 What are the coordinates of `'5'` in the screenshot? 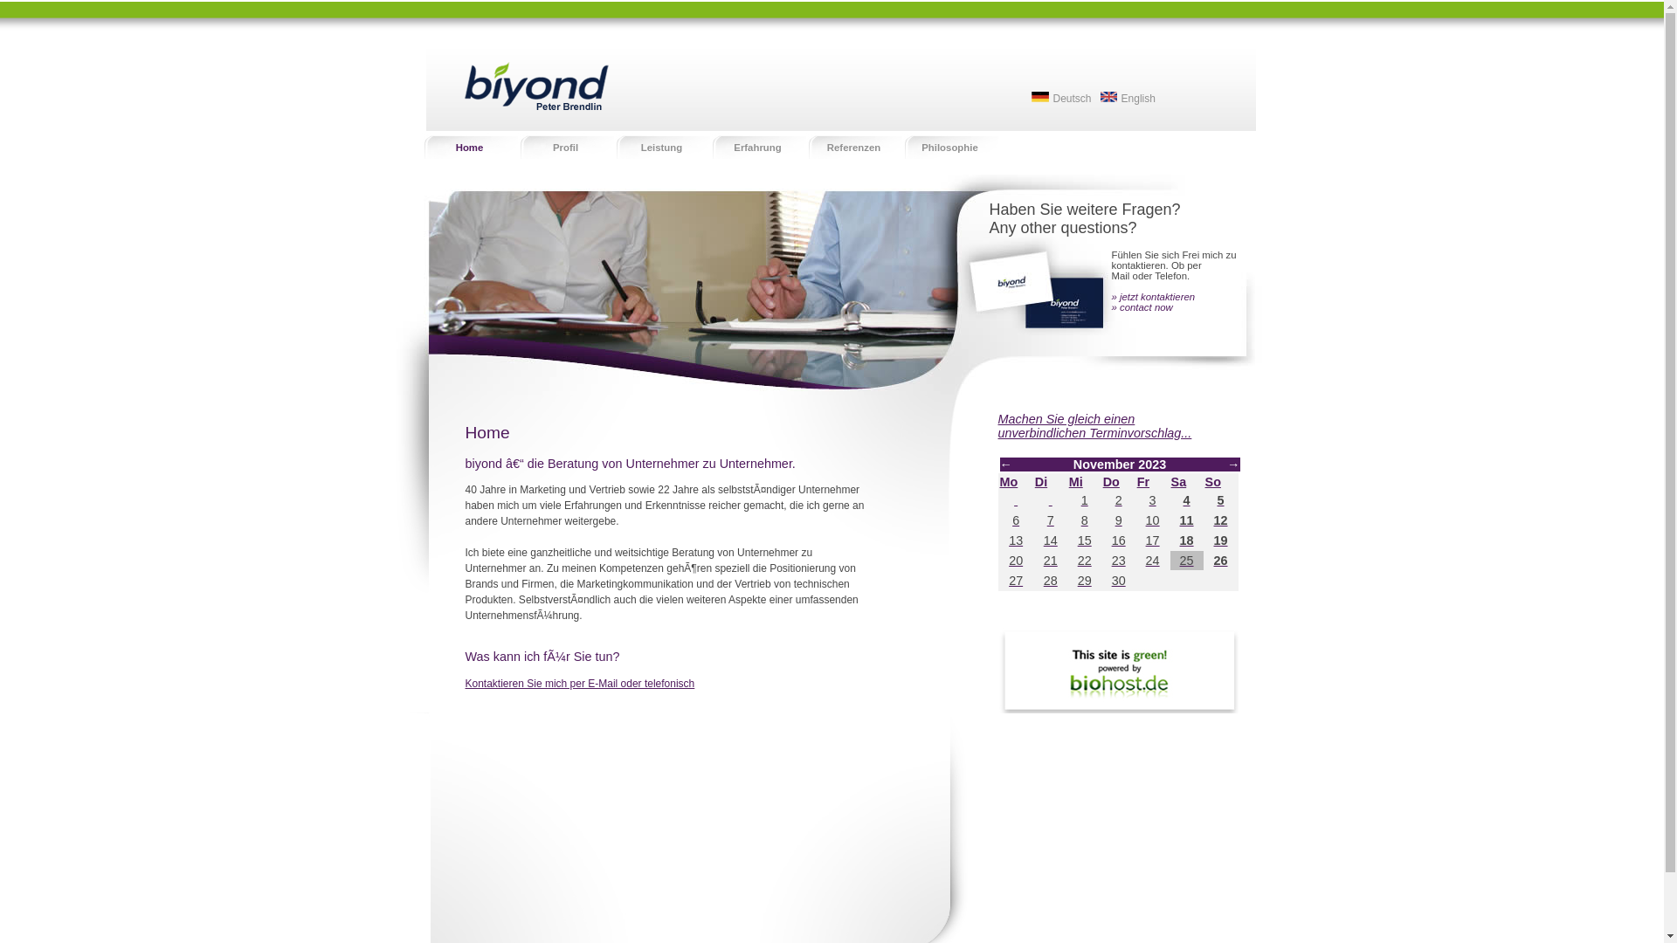 It's located at (1219, 500).